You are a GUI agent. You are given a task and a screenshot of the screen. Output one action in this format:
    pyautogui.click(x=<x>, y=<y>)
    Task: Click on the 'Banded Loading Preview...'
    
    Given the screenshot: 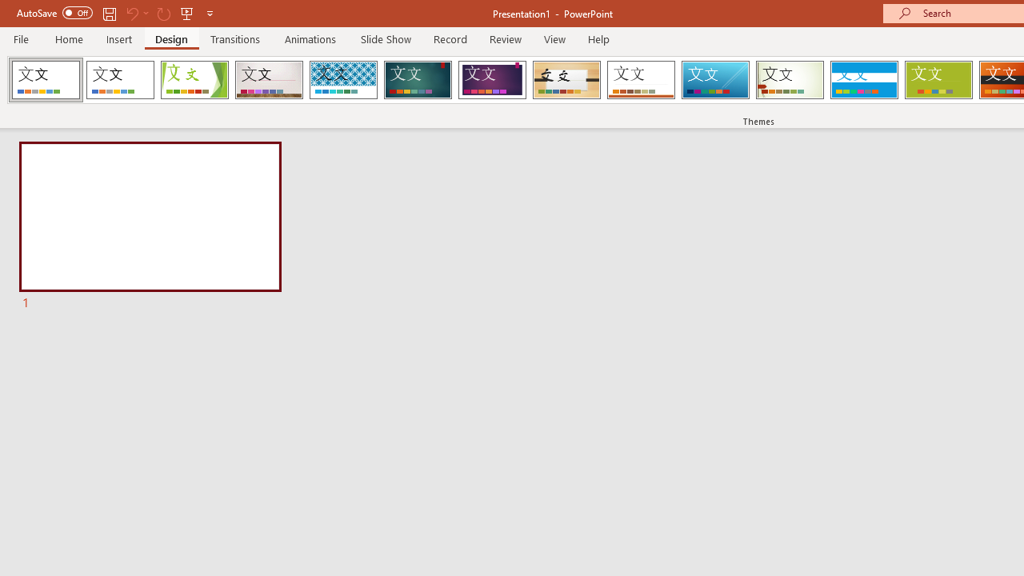 What is the action you would take?
    pyautogui.click(x=863, y=80)
    